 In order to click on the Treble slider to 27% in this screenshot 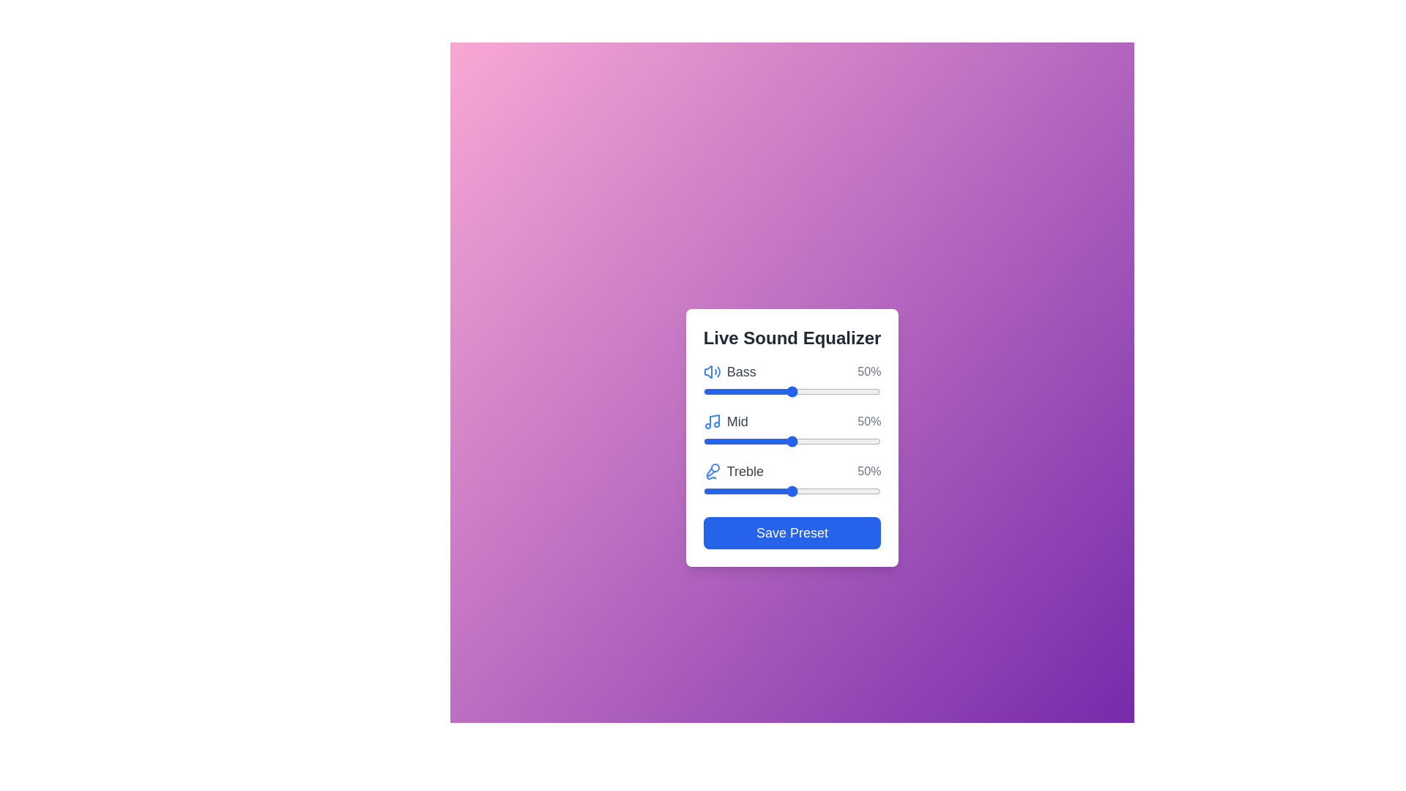, I will do `click(751, 491)`.